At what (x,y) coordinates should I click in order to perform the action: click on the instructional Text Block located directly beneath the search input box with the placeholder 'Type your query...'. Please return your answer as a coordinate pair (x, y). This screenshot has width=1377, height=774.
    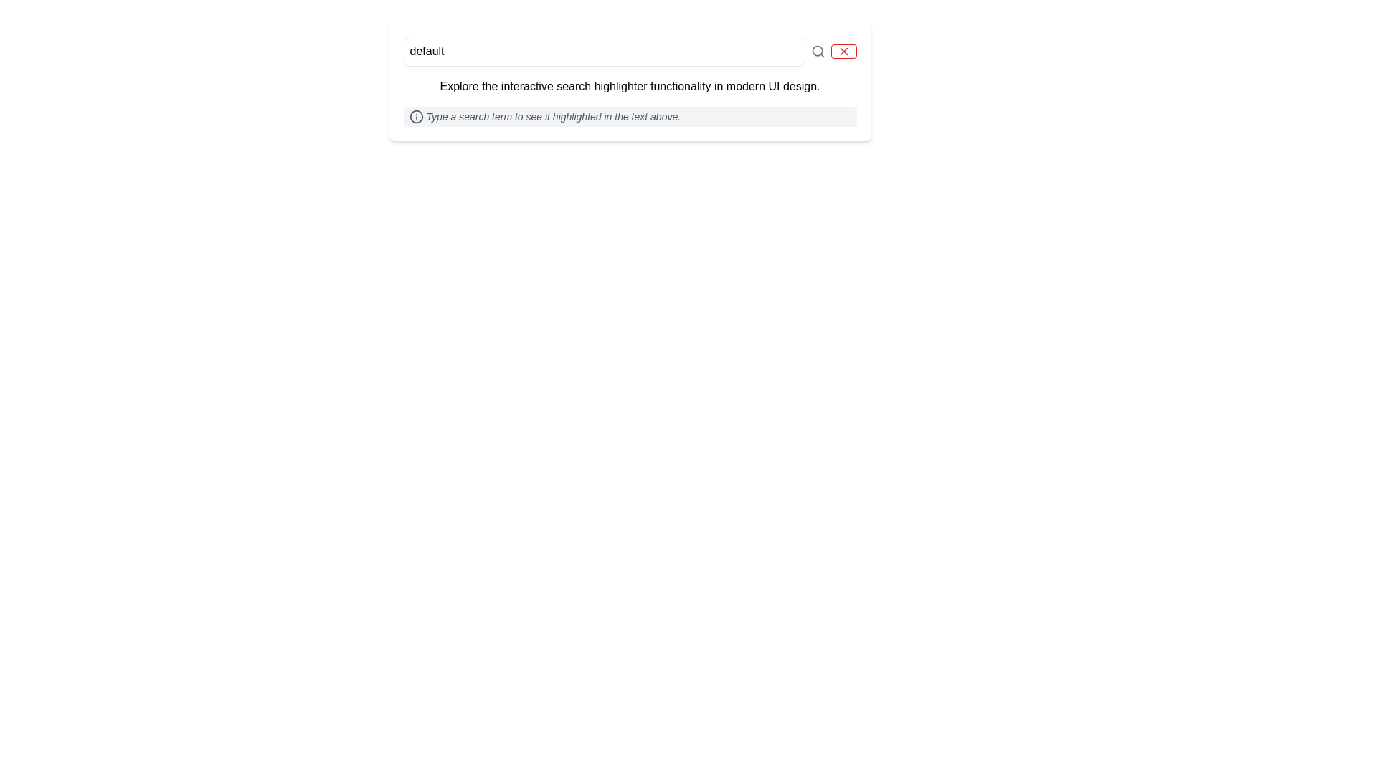
    Looking at the image, I should click on (630, 86).